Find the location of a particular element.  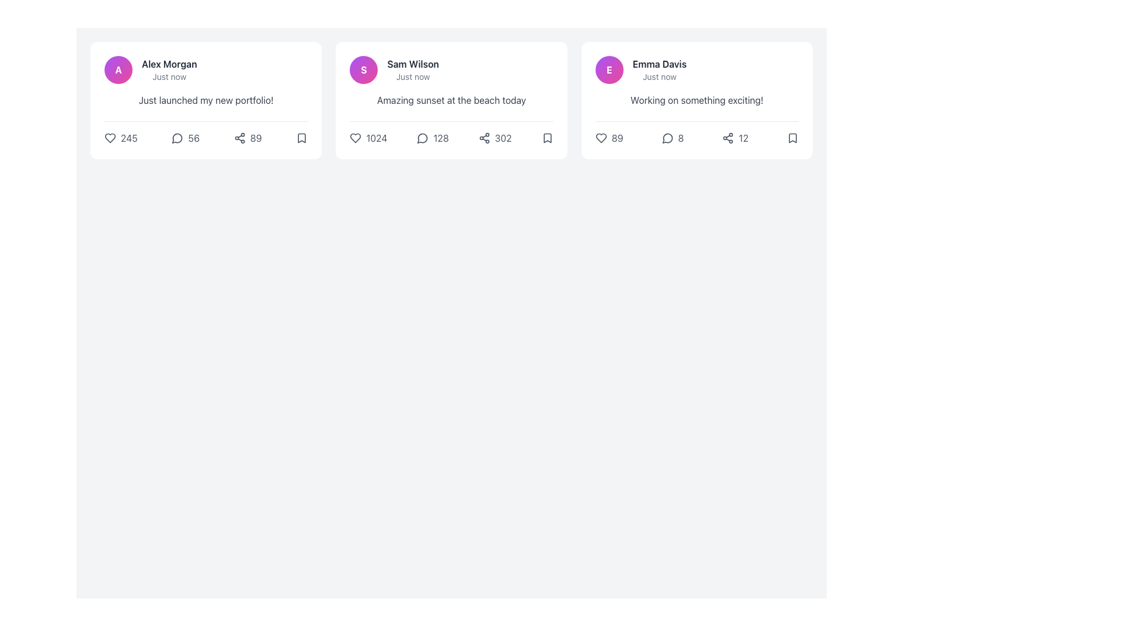

the interactive comment icon-text pair, located in the bottom section of the first content card, which displays the number of comments associated with the post to change the icon's color to blue is located at coordinates (185, 137).